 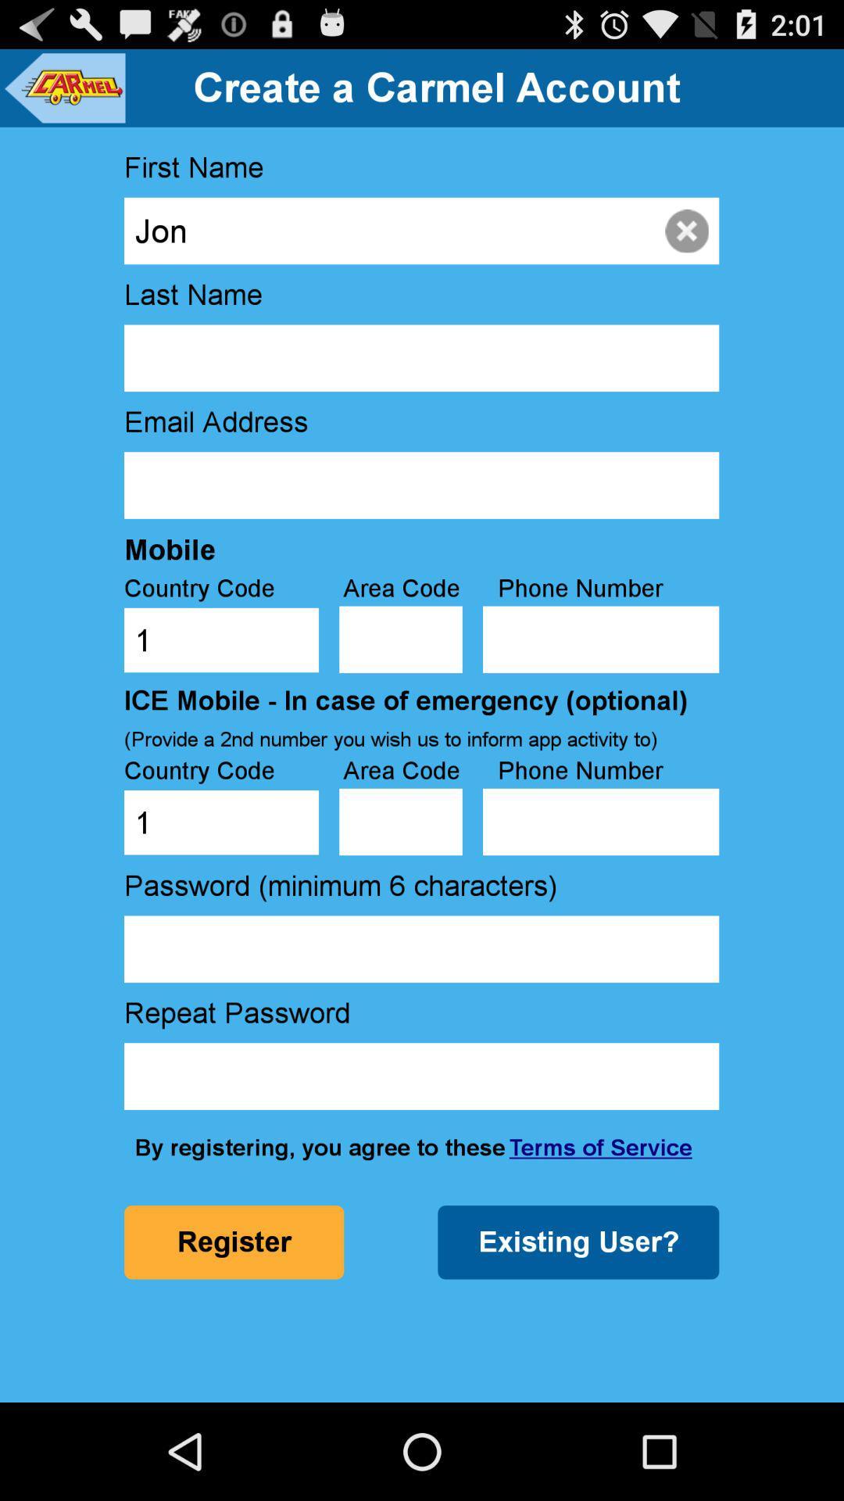 What do you see at coordinates (234, 1241) in the screenshot?
I see `the icon below by registering you item` at bounding box center [234, 1241].